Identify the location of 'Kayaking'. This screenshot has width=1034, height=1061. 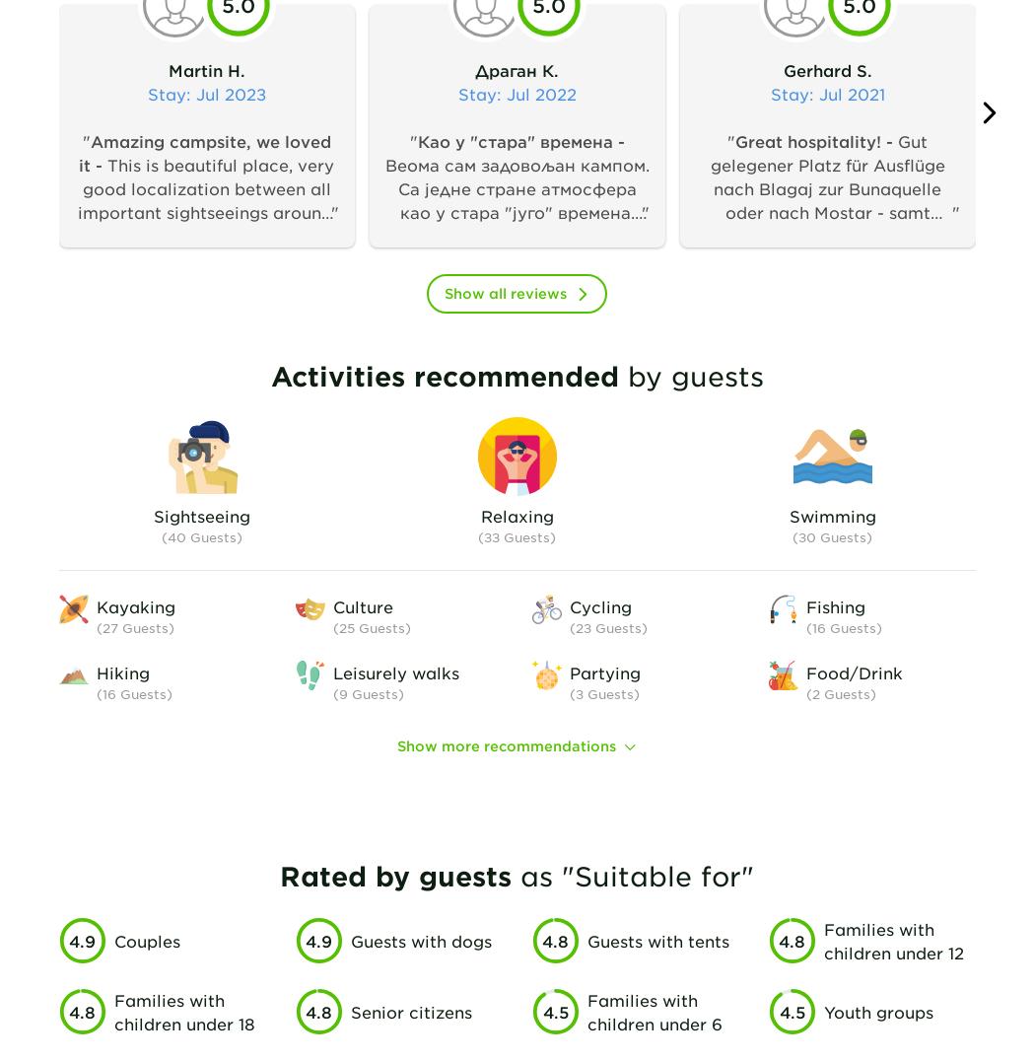
(134, 604).